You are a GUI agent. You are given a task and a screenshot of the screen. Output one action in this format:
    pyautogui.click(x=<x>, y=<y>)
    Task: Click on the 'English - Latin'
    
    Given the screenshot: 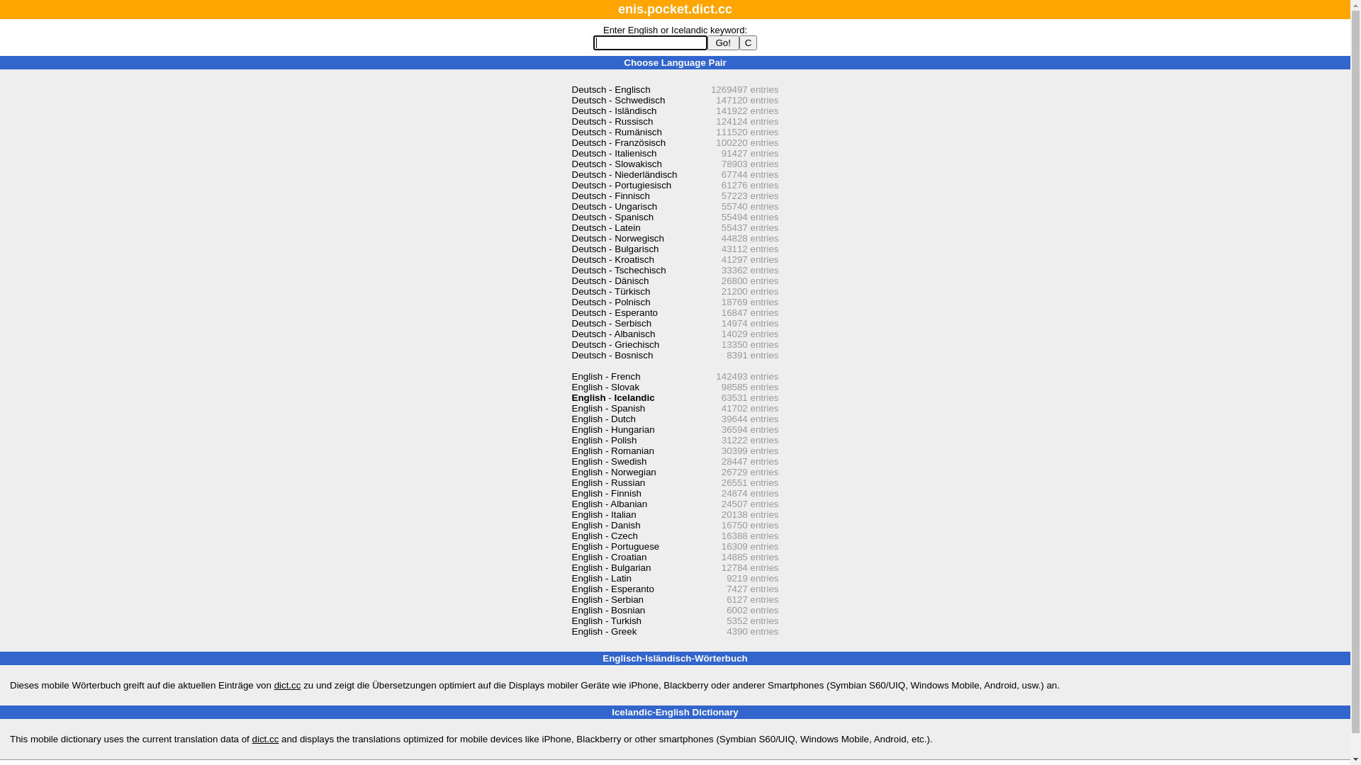 What is the action you would take?
    pyautogui.click(x=601, y=578)
    